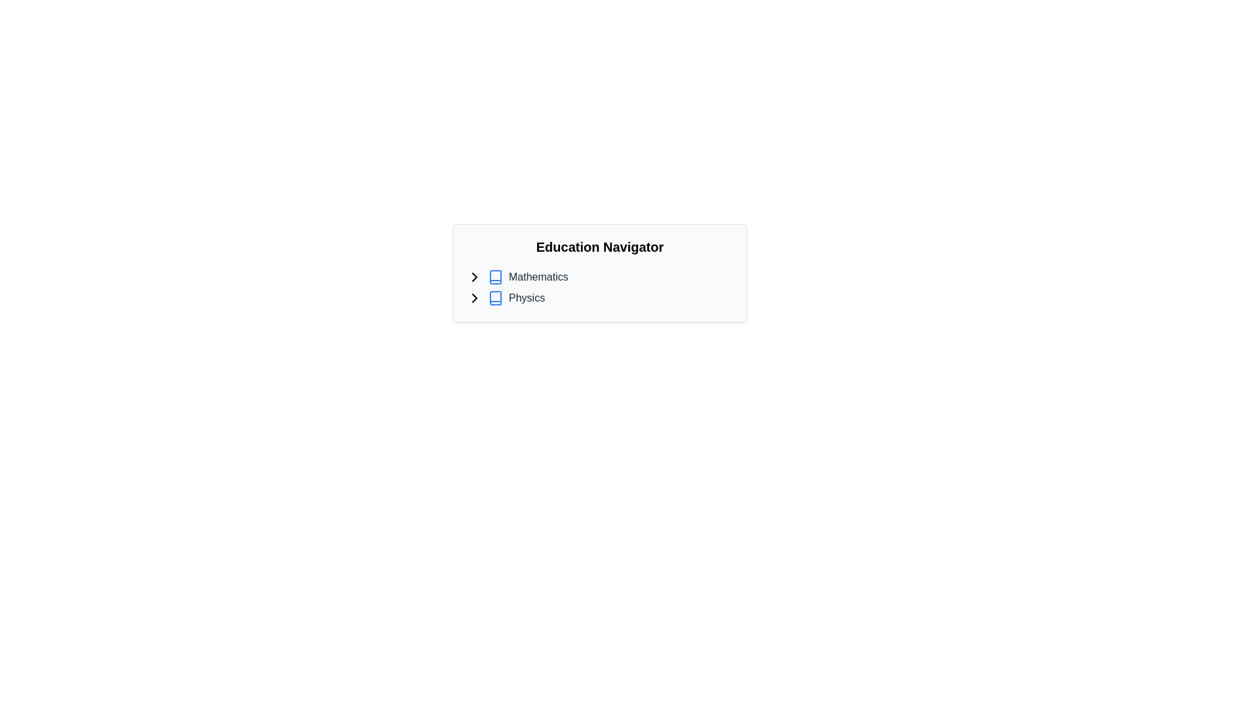 This screenshot has height=708, width=1259. I want to click on the blue outlined open book icon associated with the 'Physics' category in the 'Education Navigator' panel, so click(494, 298).